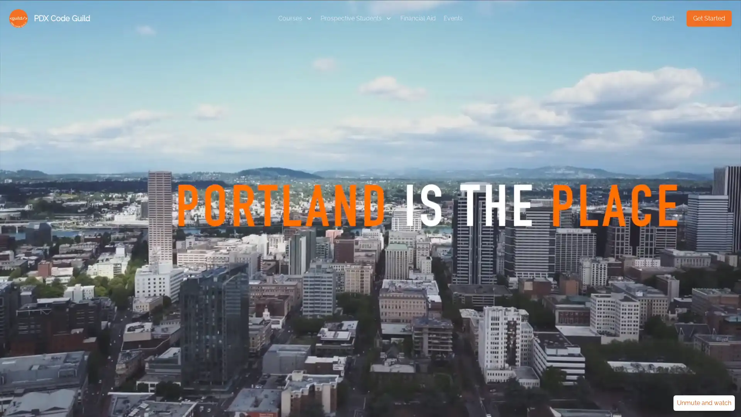 The image size is (741, 417). What do you see at coordinates (453, 18) in the screenshot?
I see `Events` at bounding box center [453, 18].